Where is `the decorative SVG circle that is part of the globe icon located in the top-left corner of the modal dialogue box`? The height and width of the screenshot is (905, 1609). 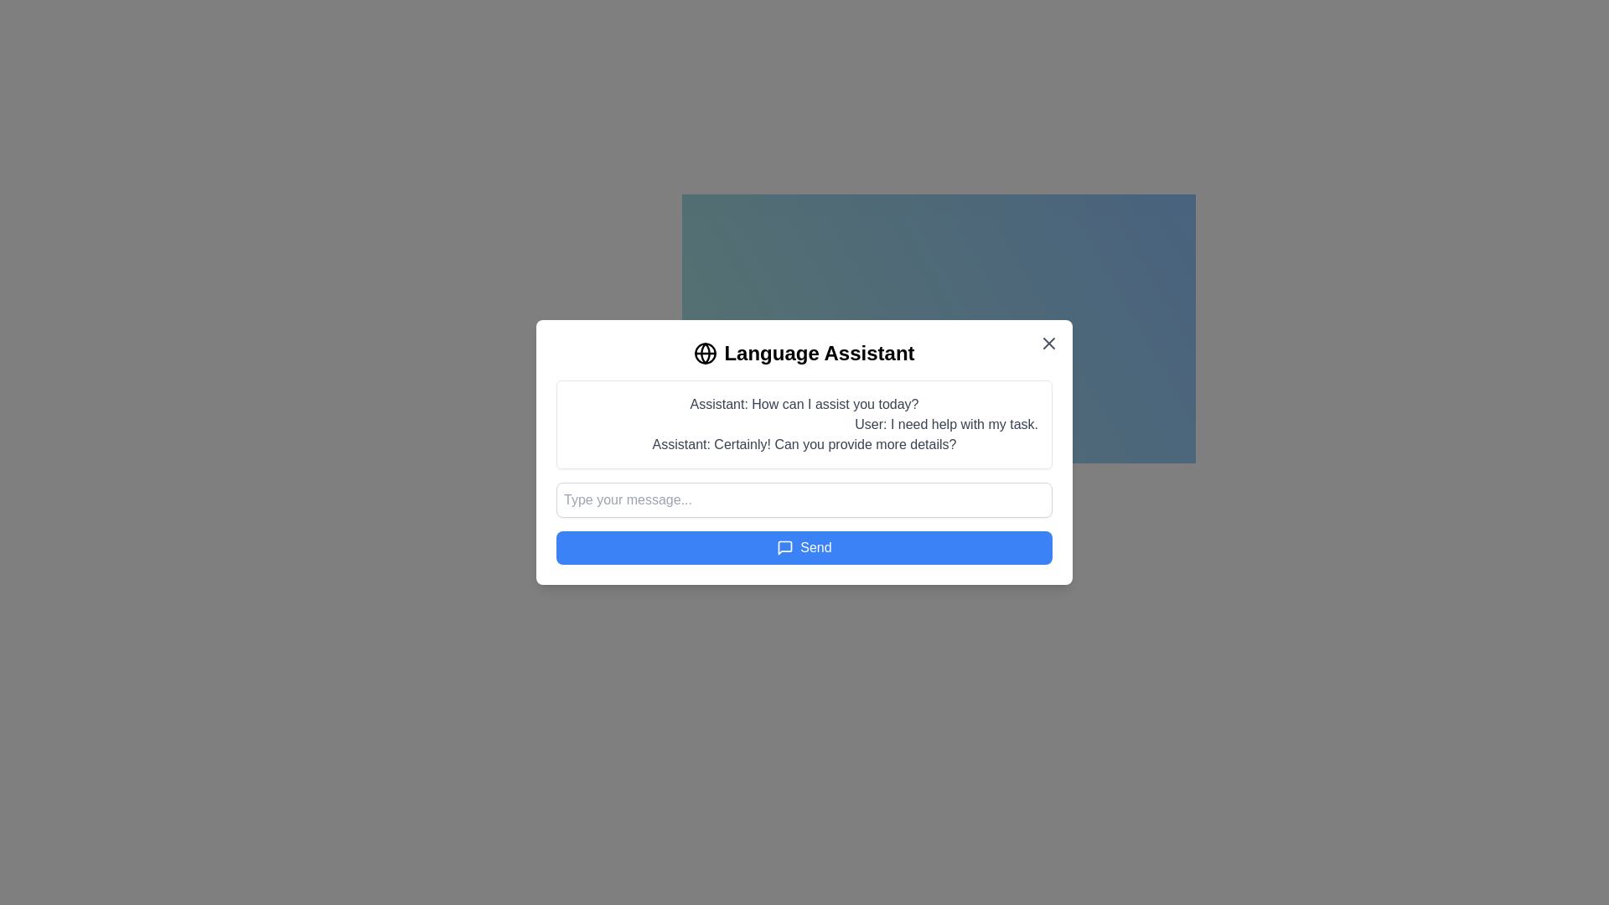 the decorative SVG circle that is part of the globe icon located in the top-left corner of the modal dialogue box is located at coordinates (706, 352).